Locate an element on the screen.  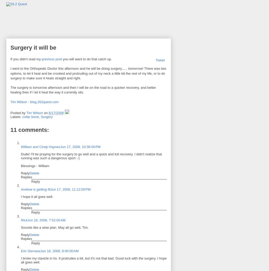
'previous post' is located at coordinates (51, 59).